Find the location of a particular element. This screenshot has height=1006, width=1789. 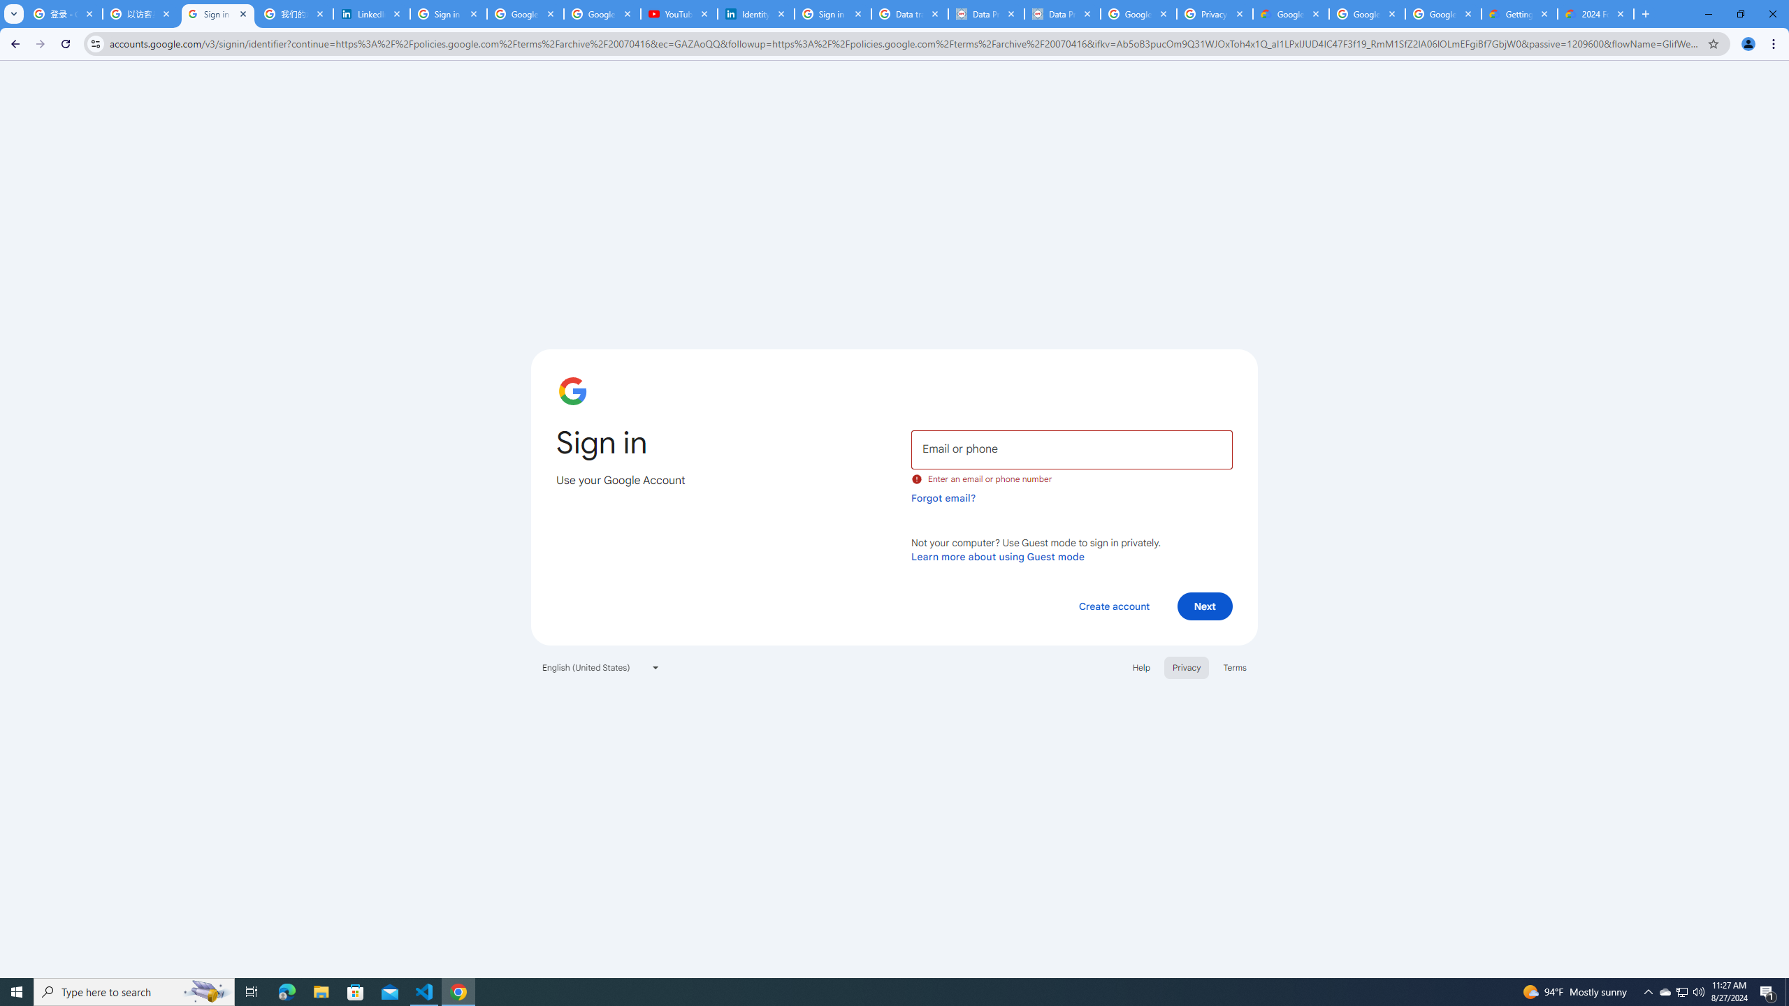

'English (United States)' is located at coordinates (601, 666).